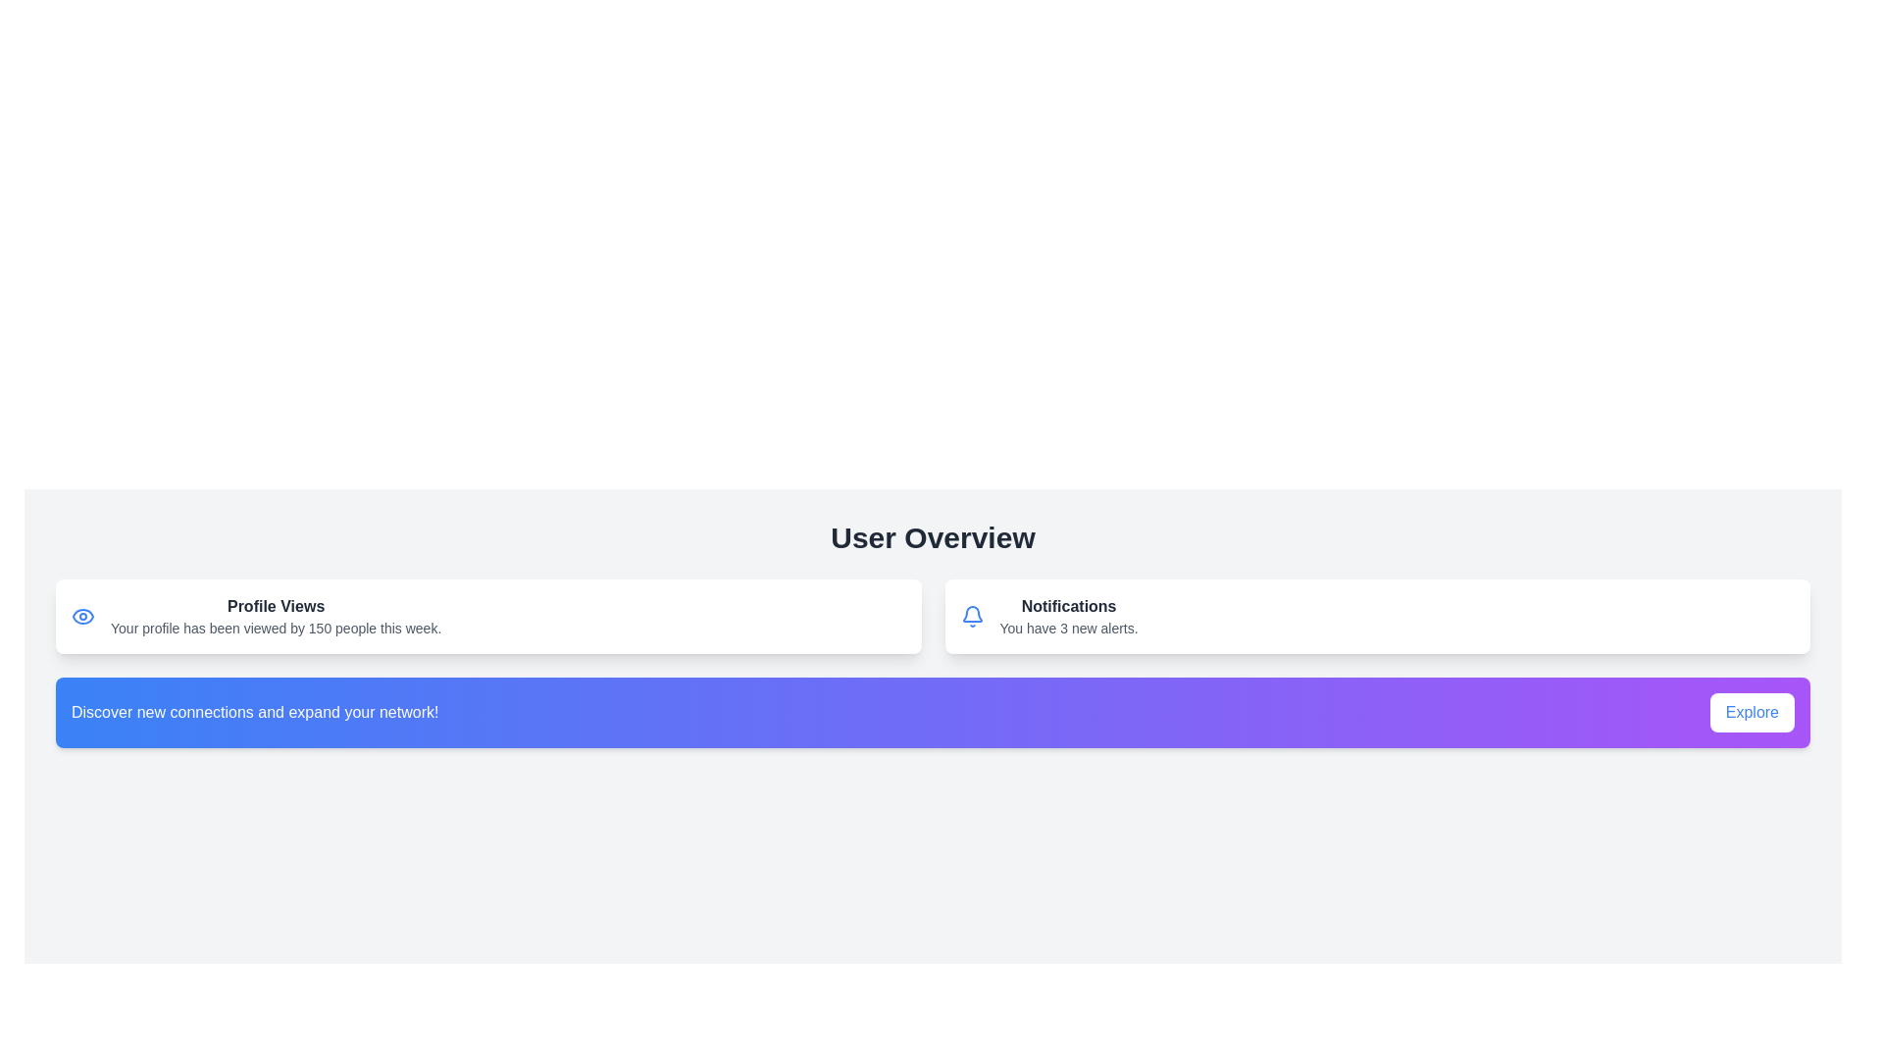  Describe the element at coordinates (254, 712) in the screenshot. I see `the informational banner text label that provides motivational or informative messages about networking opportunities, located below the 'Profile Views' and 'Notifications' sections, and adjacent to the 'Explore' button` at that location.